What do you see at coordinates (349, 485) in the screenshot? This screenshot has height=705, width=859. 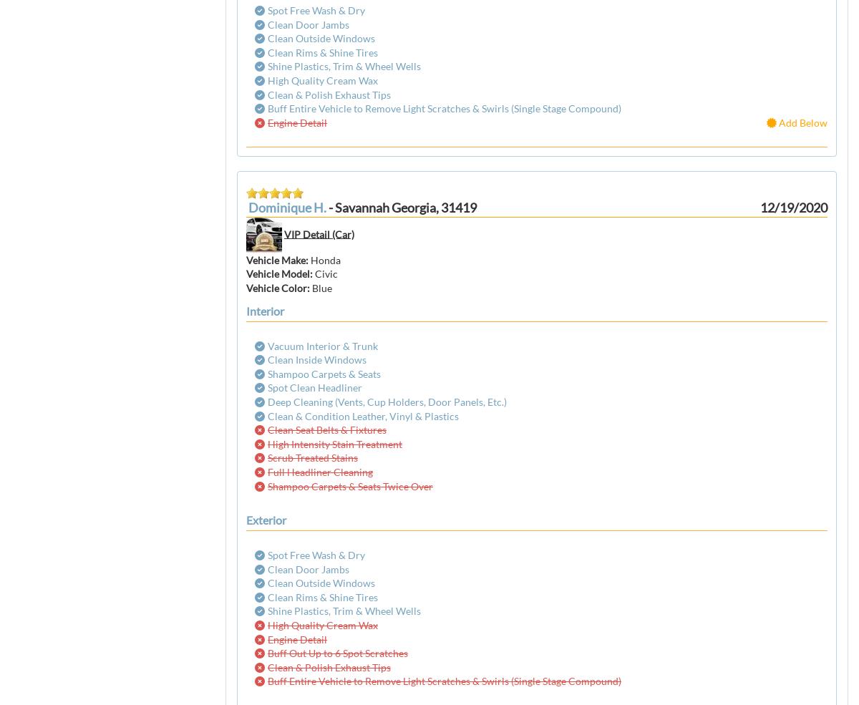 I see `'Shampoo Carpets & Seats Twice Over'` at bounding box center [349, 485].